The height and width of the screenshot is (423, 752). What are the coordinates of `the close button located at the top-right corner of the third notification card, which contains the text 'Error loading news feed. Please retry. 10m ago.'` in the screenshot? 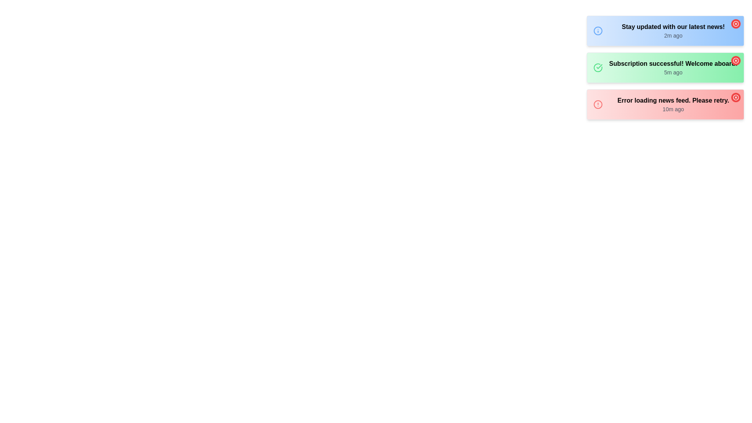 It's located at (735, 97).